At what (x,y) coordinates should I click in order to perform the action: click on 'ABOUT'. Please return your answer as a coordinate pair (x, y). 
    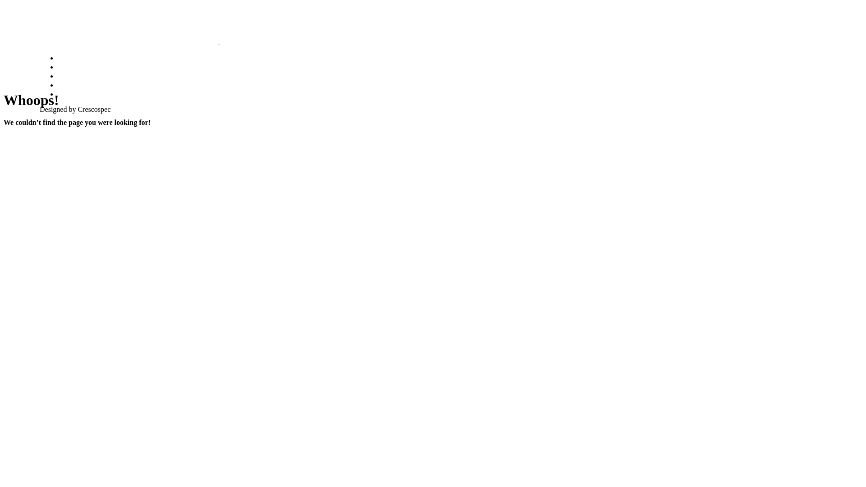
    Looking at the image, I should click on (57, 66).